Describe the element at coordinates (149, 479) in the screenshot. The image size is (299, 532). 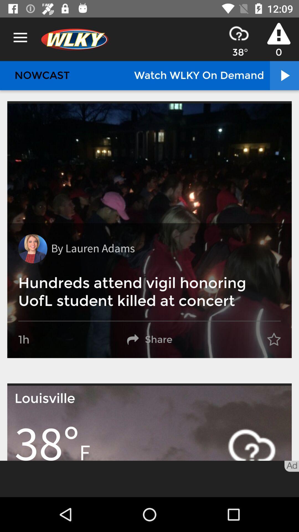
I see `visit advertisement page` at that location.